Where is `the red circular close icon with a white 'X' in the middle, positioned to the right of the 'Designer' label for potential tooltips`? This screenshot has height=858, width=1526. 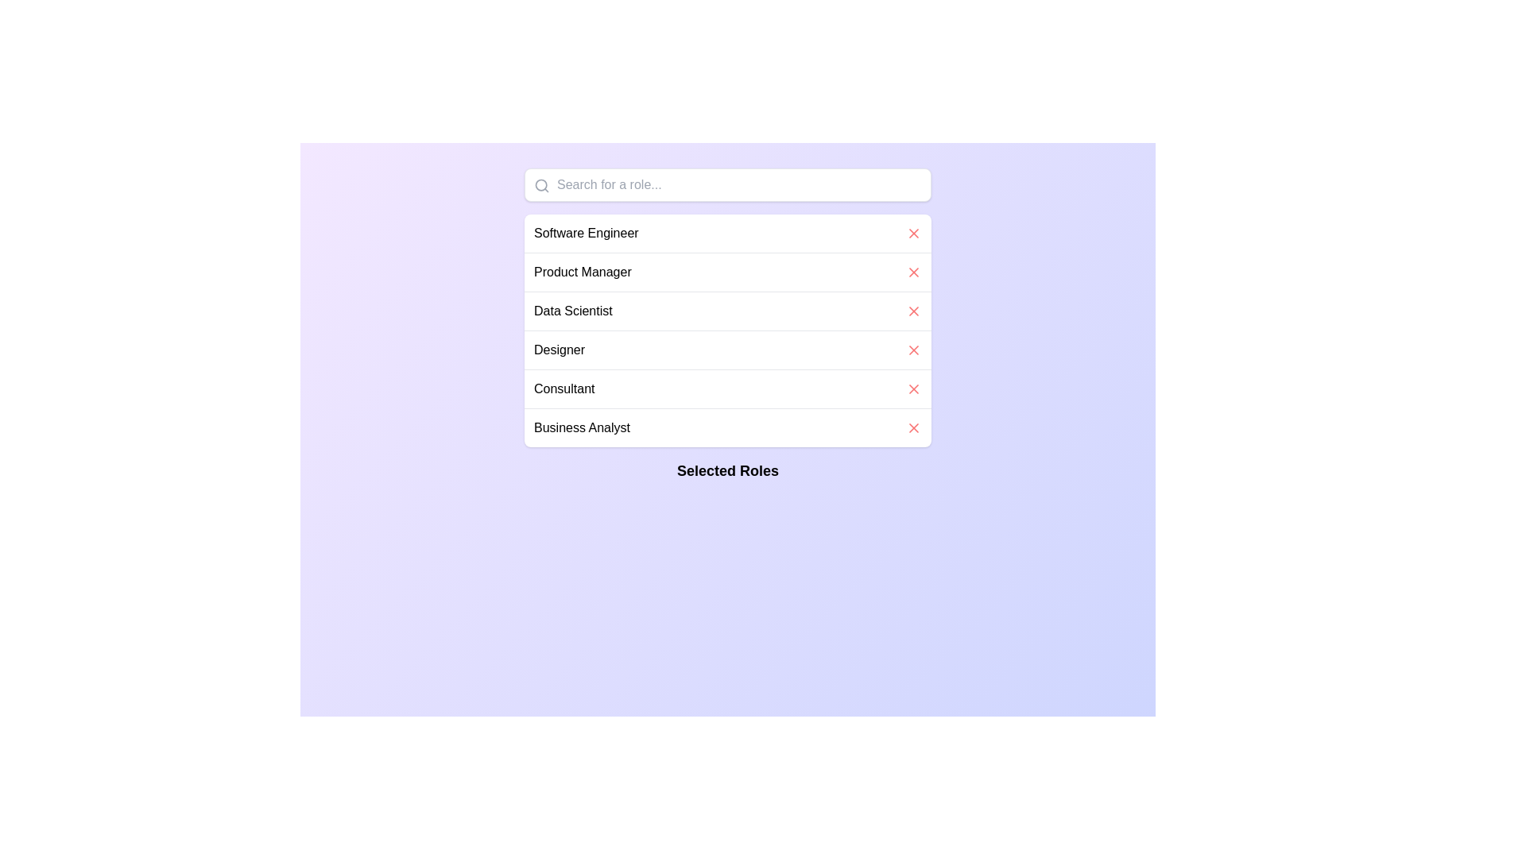 the red circular close icon with a white 'X' in the middle, positioned to the right of the 'Designer' label for potential tooltips is located at coordinates (914, 349).